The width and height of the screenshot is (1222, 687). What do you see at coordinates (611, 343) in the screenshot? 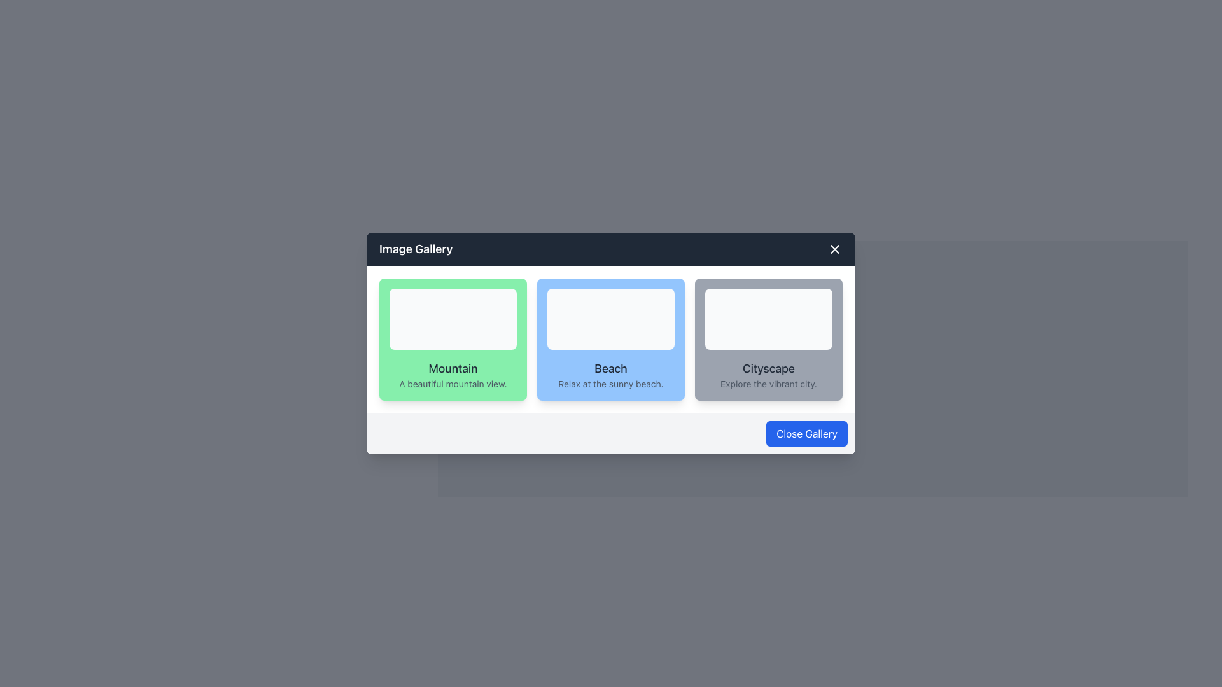
I see `the 'Beach' card element located in the center of the gallery modal` at bounding box center [611, 343].